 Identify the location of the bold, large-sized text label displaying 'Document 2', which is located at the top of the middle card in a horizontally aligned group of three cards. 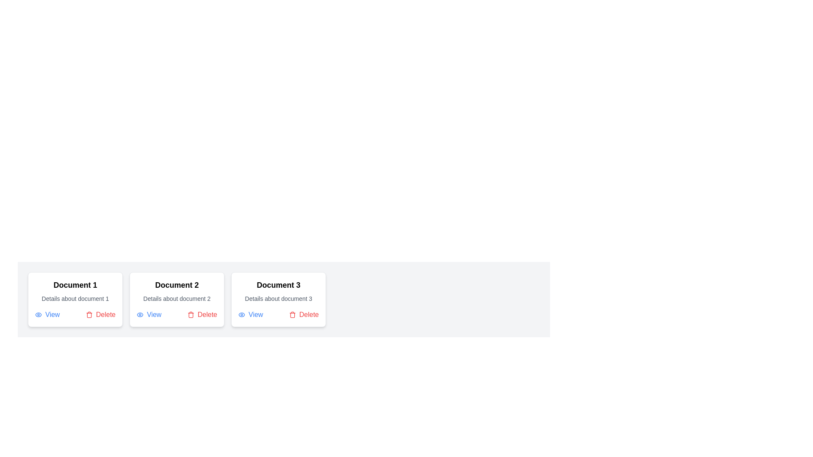
(176, 285).